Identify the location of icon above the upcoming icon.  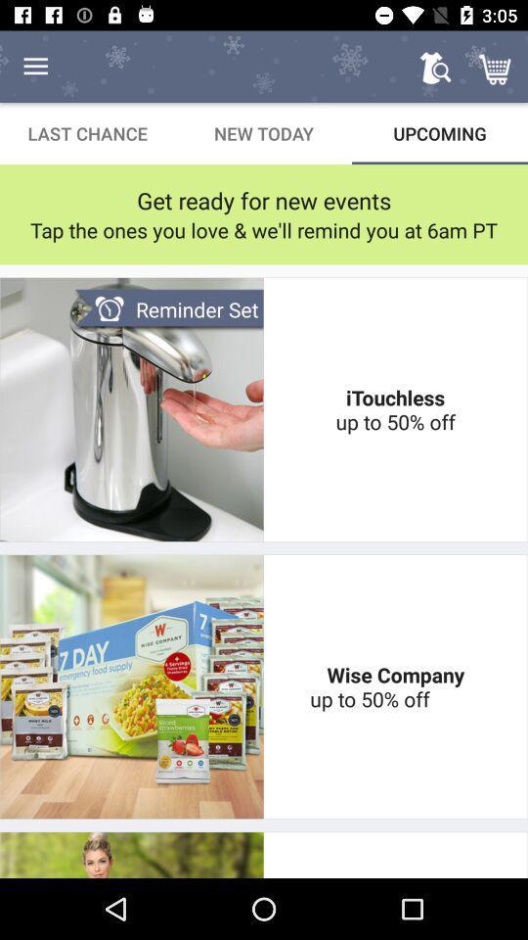
(497, 67).